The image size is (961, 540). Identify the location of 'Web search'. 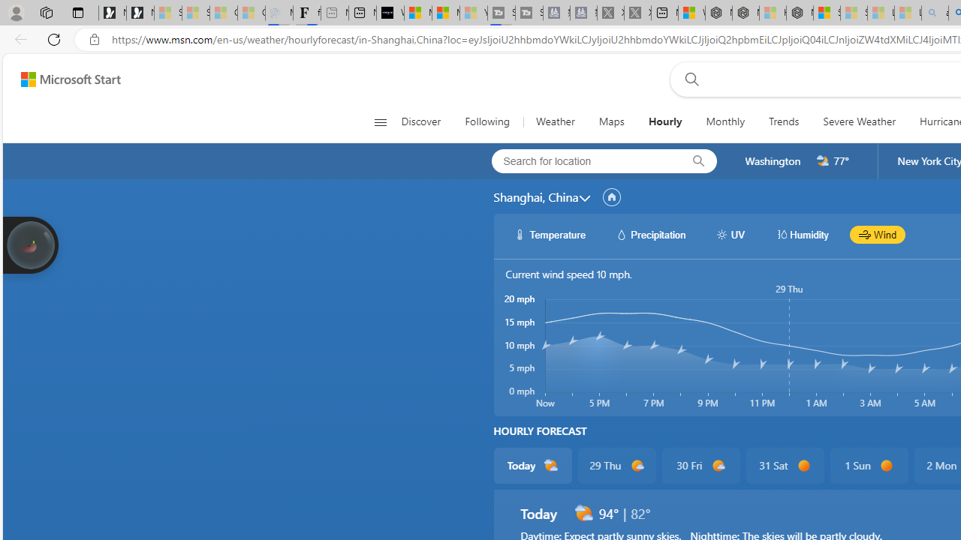
(688, 79).